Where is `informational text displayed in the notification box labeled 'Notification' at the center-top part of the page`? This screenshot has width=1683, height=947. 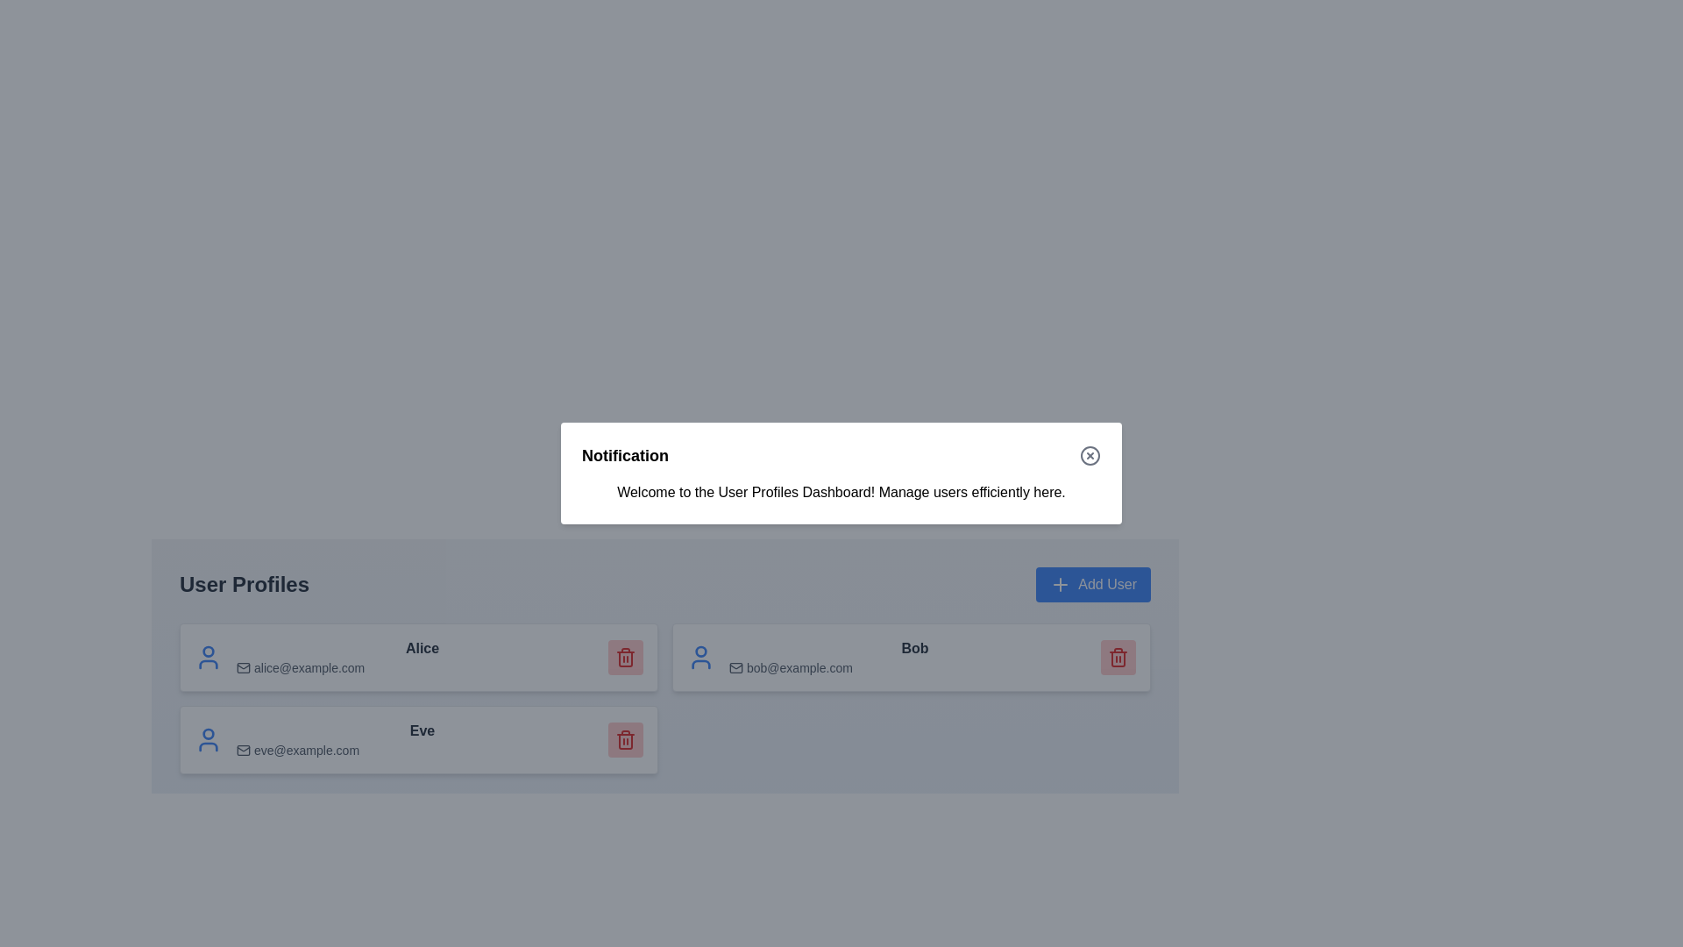 informational text displayed in the notification box labeled 'Notification' at the center-top part of the page is located at coordinates (841, 493).